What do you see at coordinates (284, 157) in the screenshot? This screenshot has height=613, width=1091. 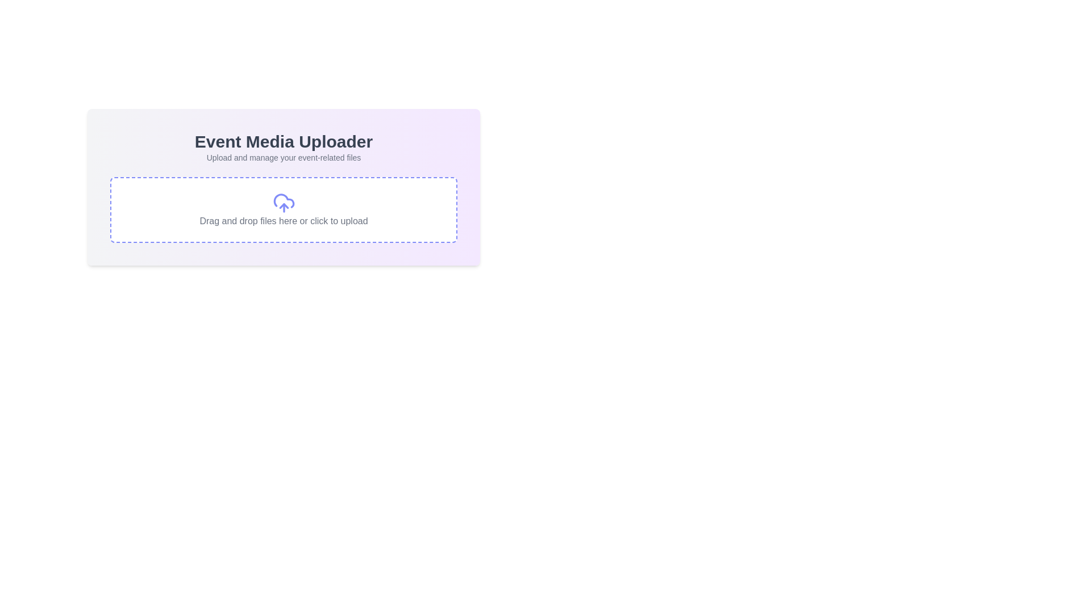 I see `the text label that provides instructions or guidance, which reads 'Upload and manage your event-related files'` at bounding box center [284, 157].